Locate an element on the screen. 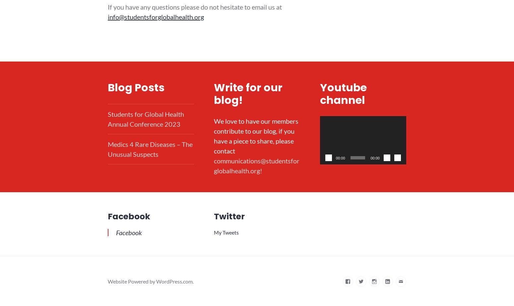  'Write for our blog!' is located at coordinates (248, 93).